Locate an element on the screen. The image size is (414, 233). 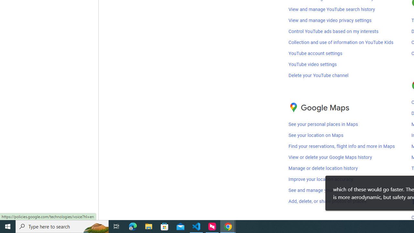
'View or delete your Google Maps history' is located at coordinates (330, 158).